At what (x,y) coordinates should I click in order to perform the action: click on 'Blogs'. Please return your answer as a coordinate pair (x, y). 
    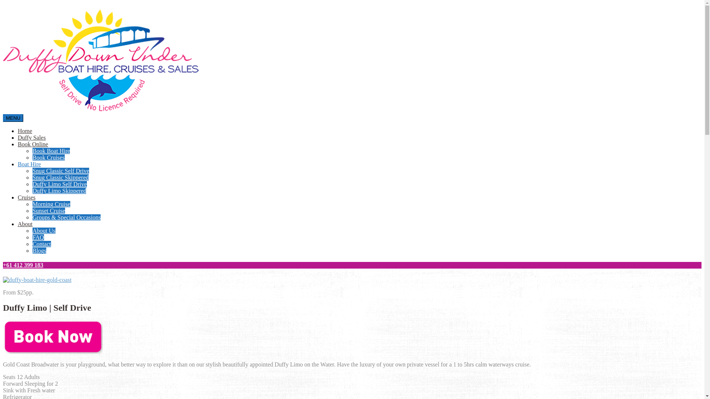
    Looking at the image, I should click on (39, 250).